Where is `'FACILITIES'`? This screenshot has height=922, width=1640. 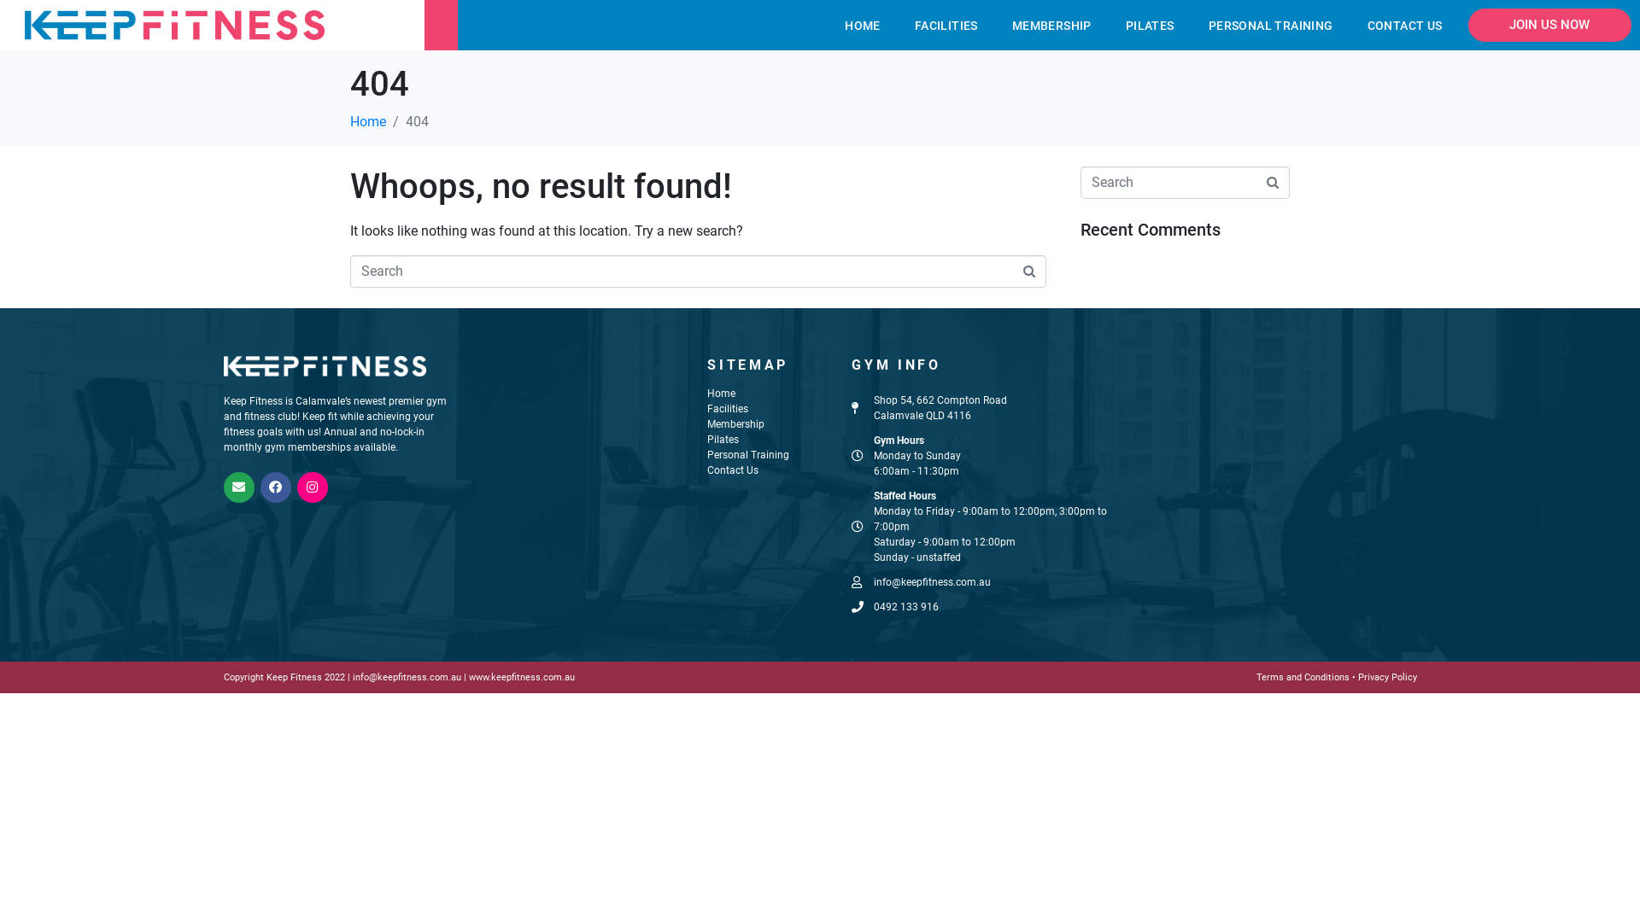 'FACILITIES' is located at coordinates (946, 26).